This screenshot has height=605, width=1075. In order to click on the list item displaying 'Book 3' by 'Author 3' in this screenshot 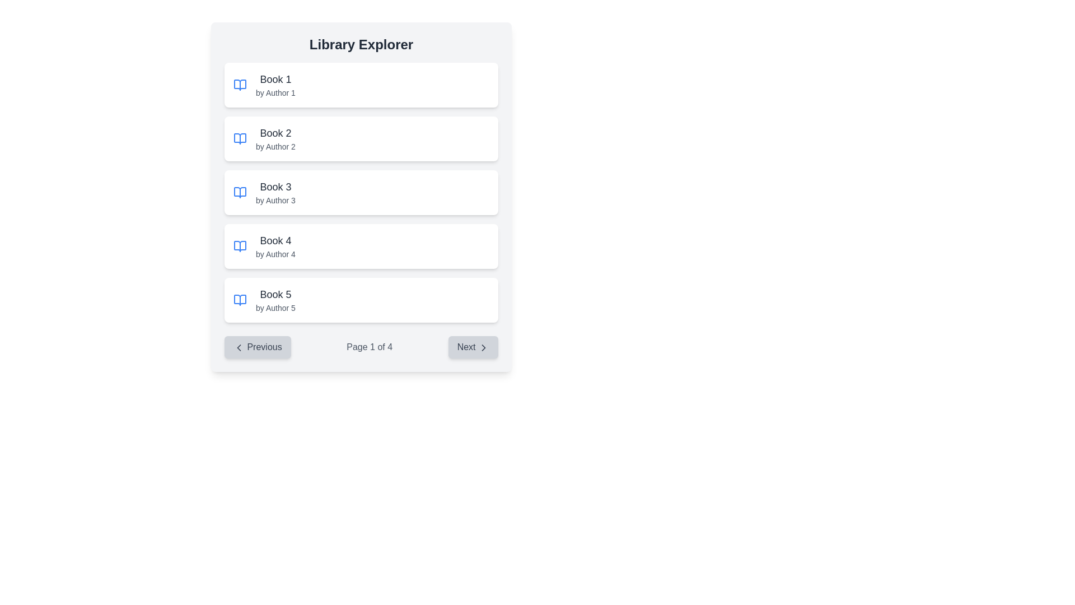, I will do `click(275, 192)`.